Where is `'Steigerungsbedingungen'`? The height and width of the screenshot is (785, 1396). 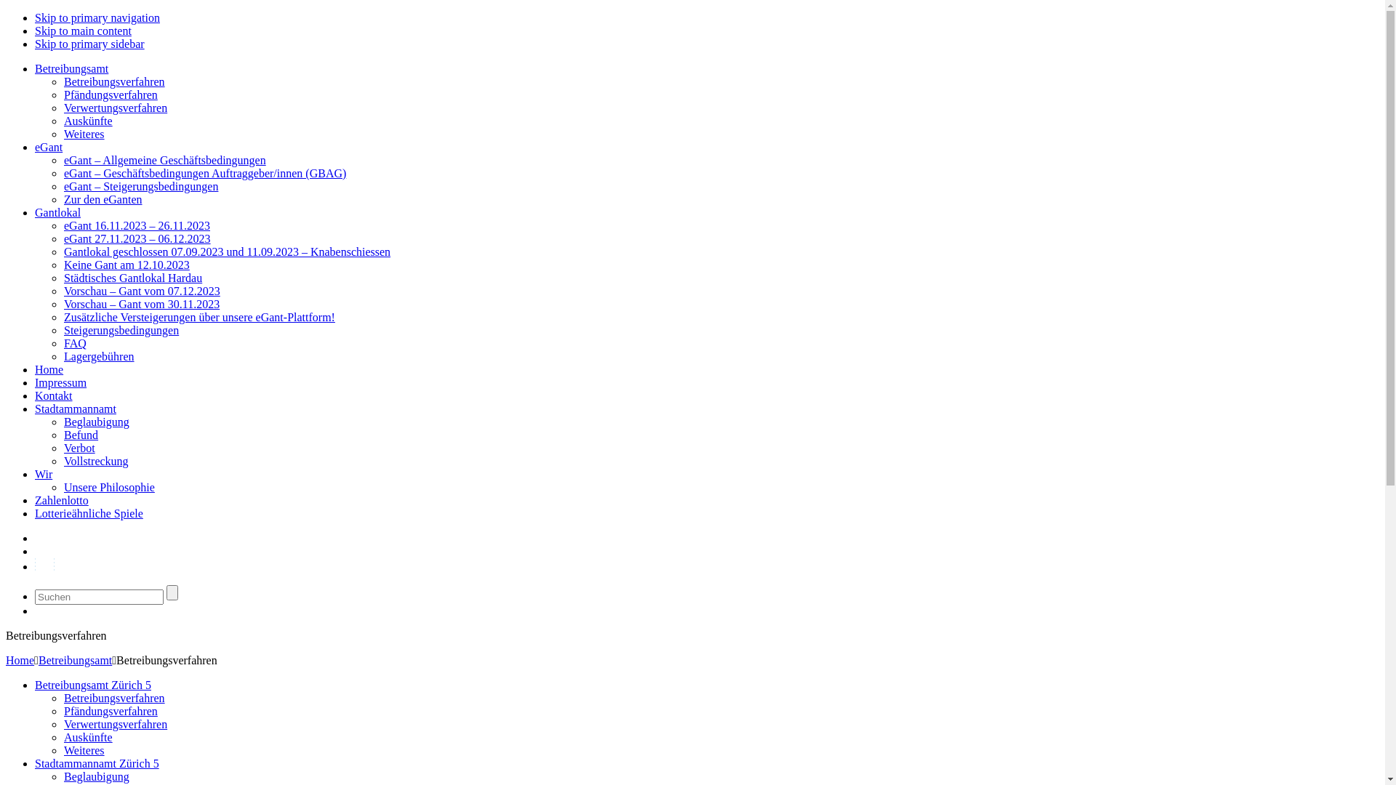 'Steigerungsbedingungen' is located at coordinates (121, 330).